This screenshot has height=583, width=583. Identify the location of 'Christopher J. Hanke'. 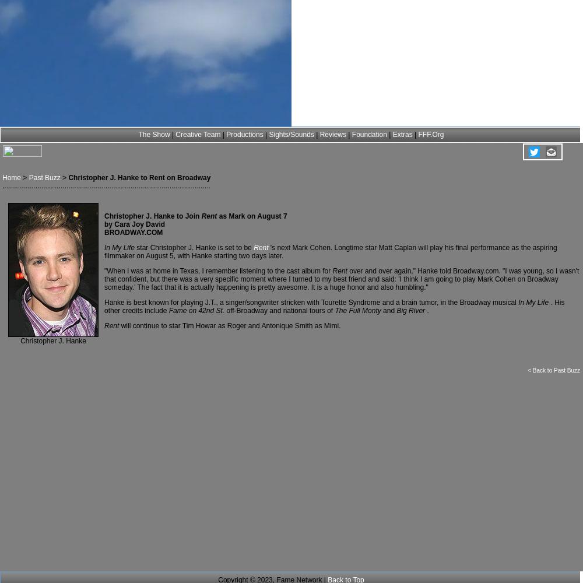
(20, 340).